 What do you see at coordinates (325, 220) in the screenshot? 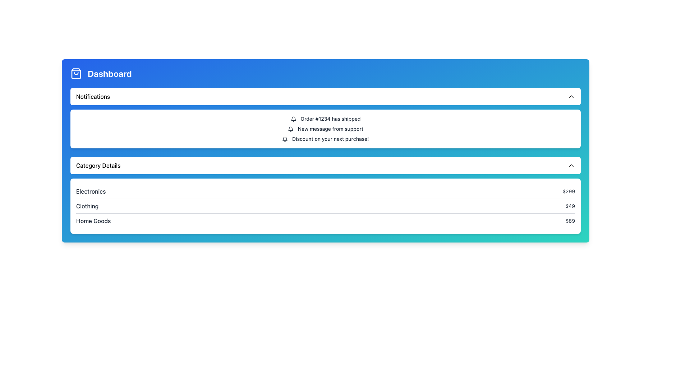
I see `the third list item under the 'Category Details' panel that displays 'Home Goods' with the value '$89'` at bounding box center [325, 220].